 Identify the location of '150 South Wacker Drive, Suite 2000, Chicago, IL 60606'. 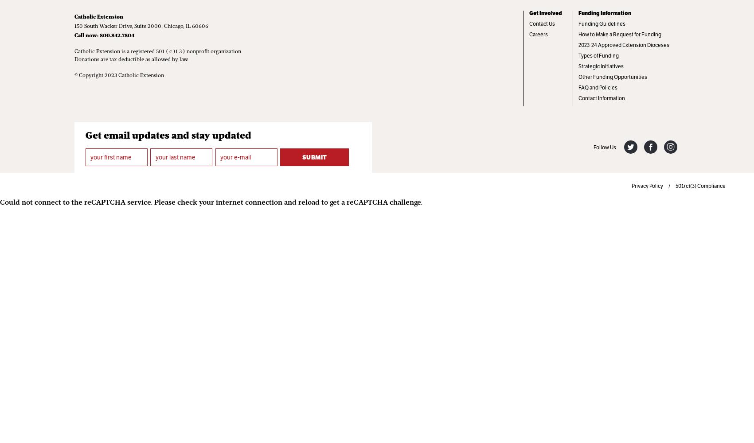
(141, 27).